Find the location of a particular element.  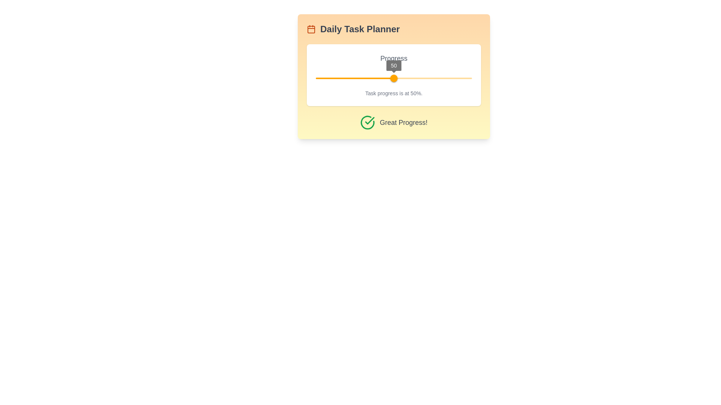

the Informative Text element that states 'Task progress is at 50%', which is positioned below the slider component labeled '50' within the task planner interface is located at coordinates (394, 93).